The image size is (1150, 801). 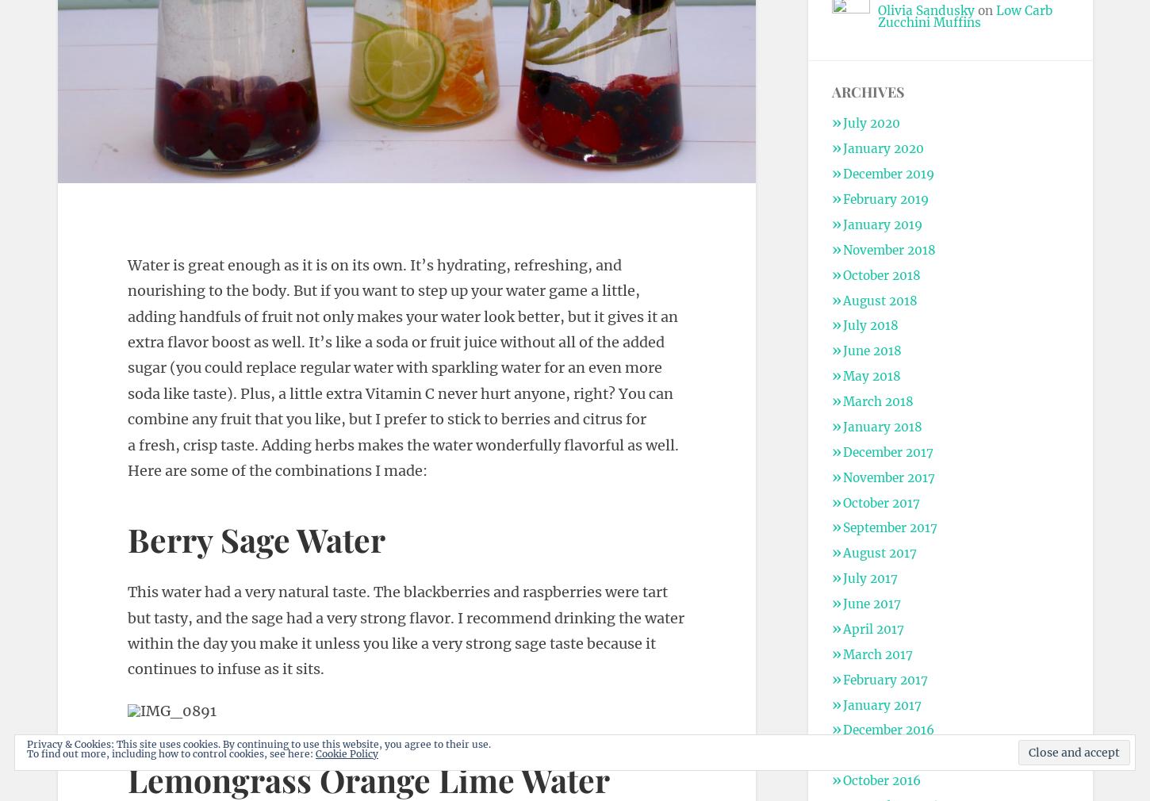 I want to click on 'December 2019', so click(x=887, y=173).